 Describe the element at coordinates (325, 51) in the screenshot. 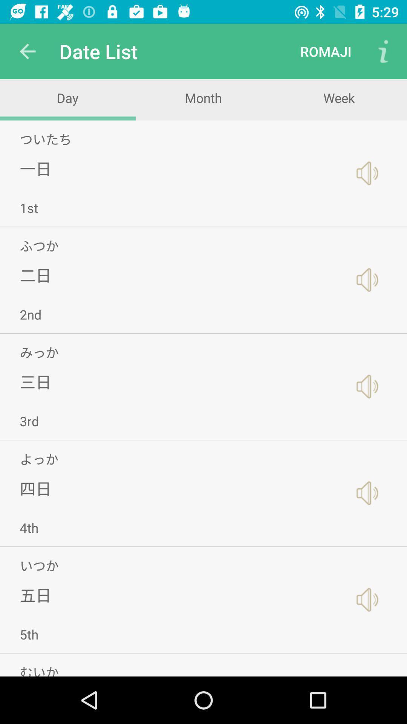

I see `the romaji icon` at that location.